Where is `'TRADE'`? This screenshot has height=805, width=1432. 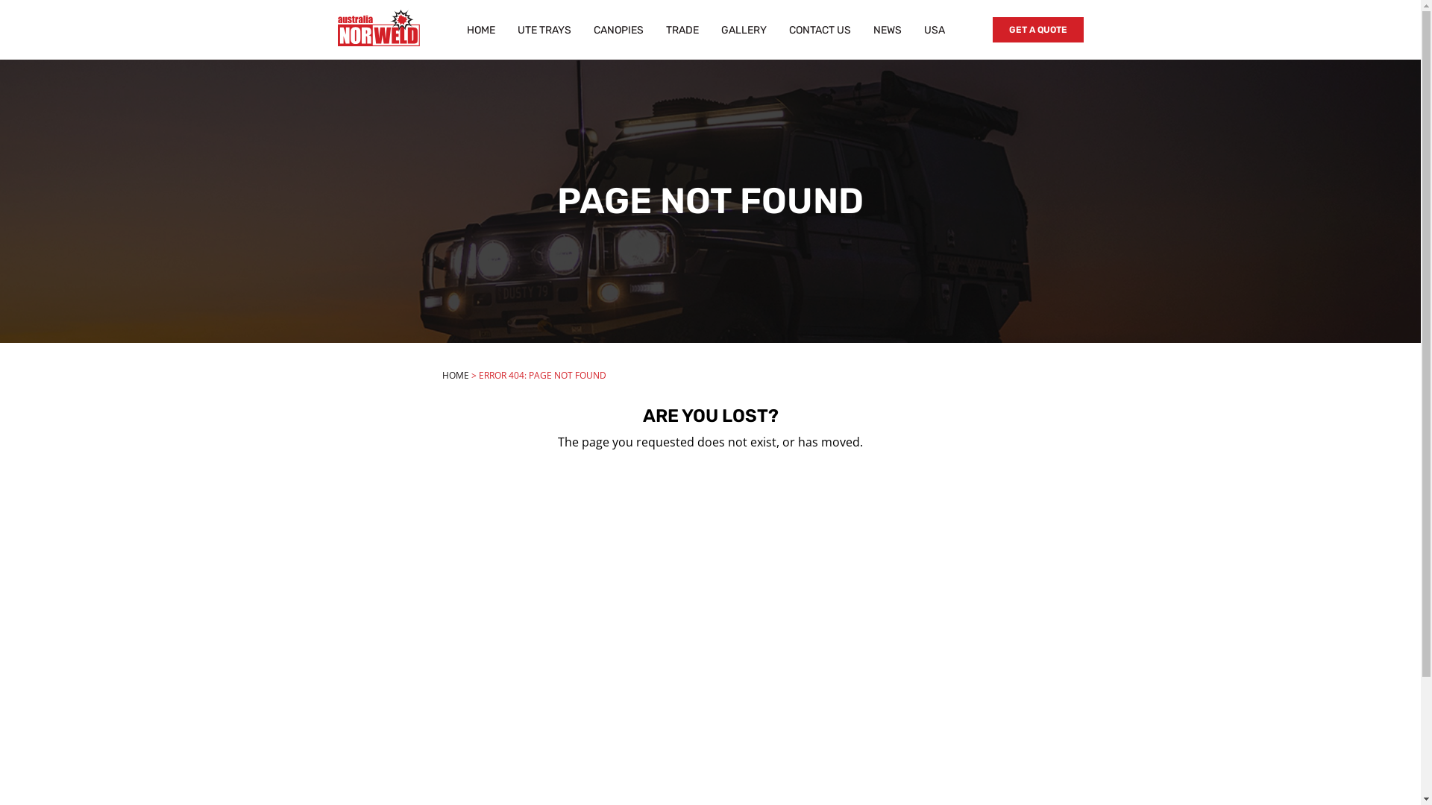 'TRADE' is located at coordinates (682, 29).